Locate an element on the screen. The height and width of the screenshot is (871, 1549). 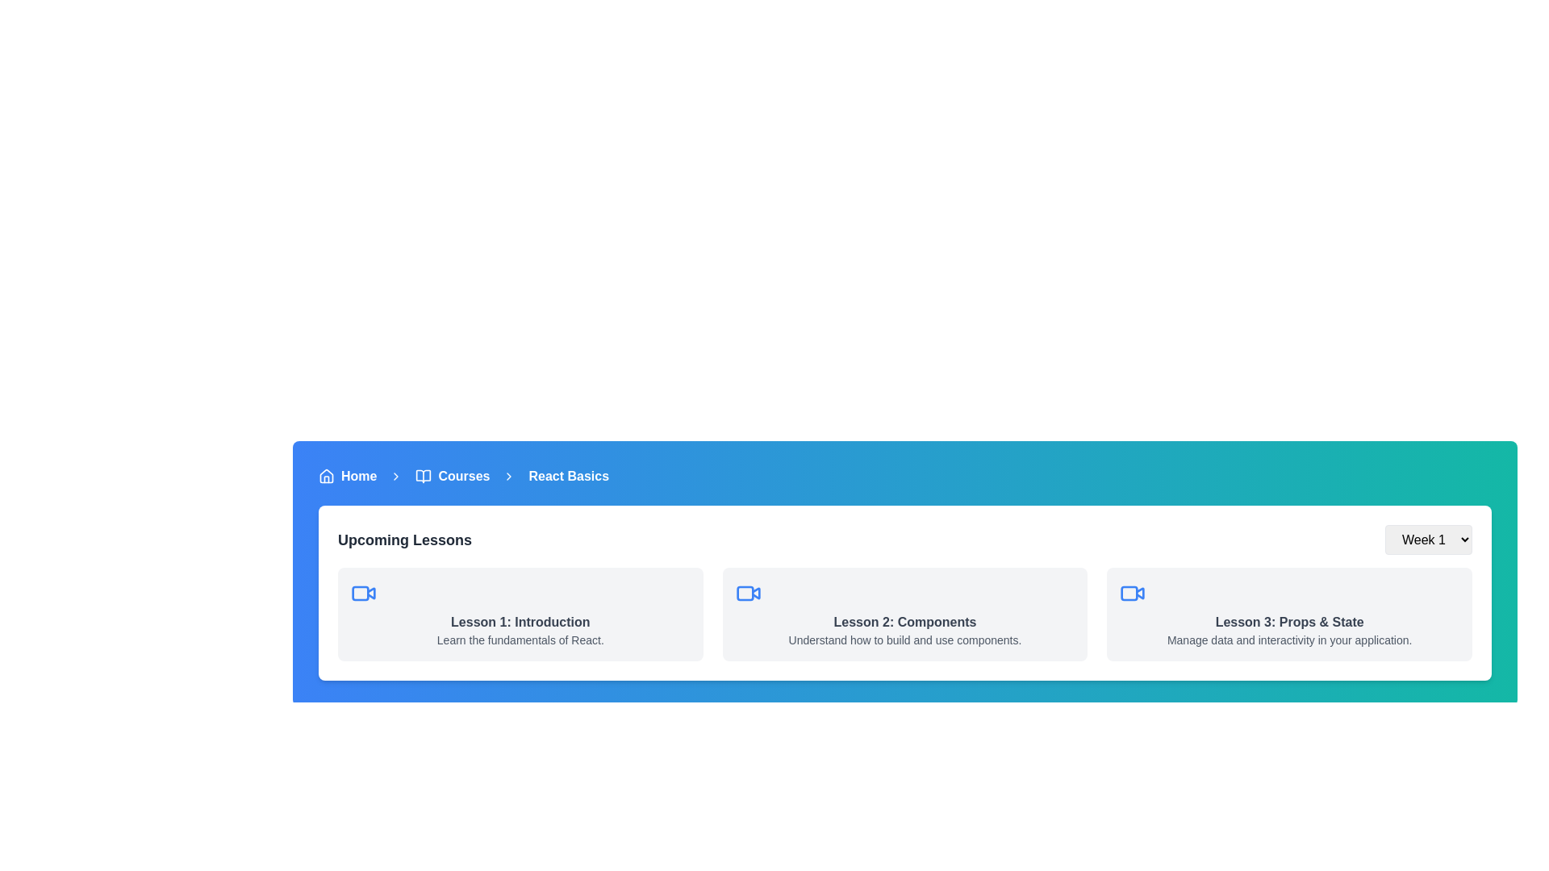
the Interactive navigation link located at the far-left of the breadcrumb navigation is located at coordinates (347, 475).